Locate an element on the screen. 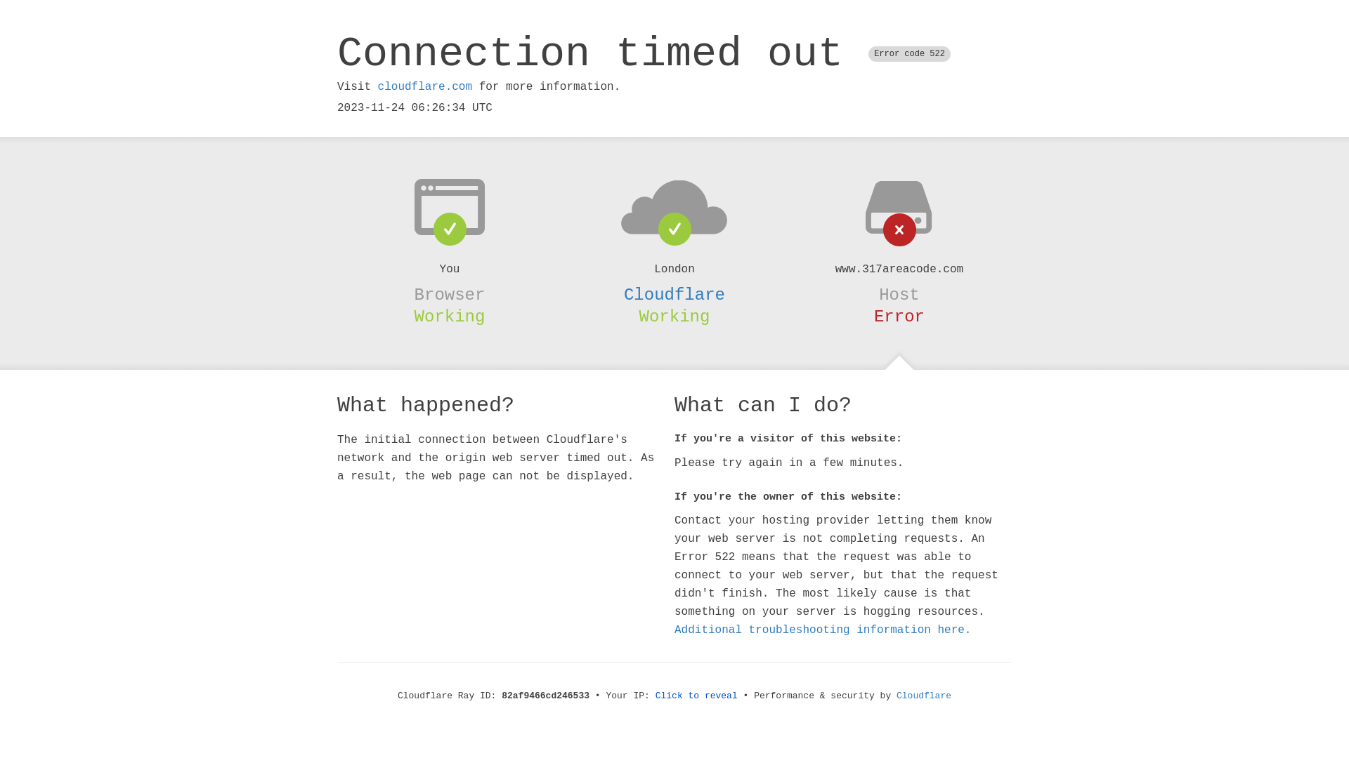 This screenshot has width=1349, height=758. 'Additional troubleshooting information here.' is located at coordinates (823, 630).